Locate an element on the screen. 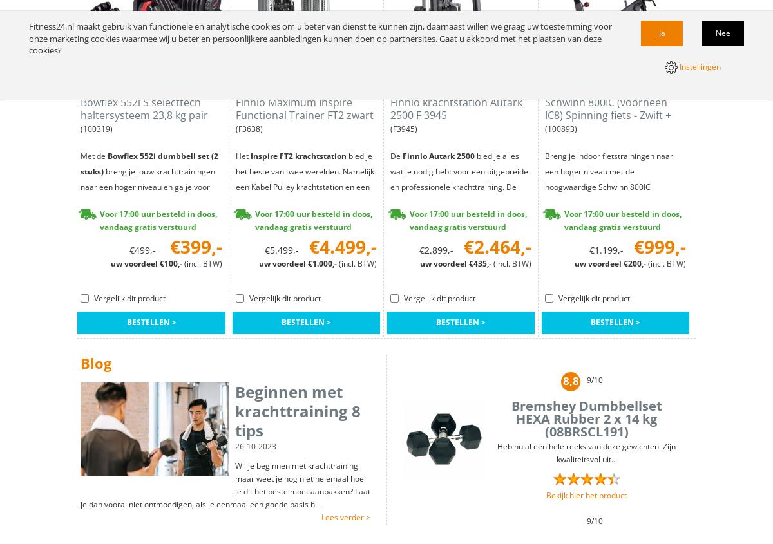 Image resolution: width=773 pixels, height=544 pixels. 'Schwinn 800IC (voorheen IC8) Spinning fiets - Zwift + Ridesocial' is located at coordinates (544, 114).